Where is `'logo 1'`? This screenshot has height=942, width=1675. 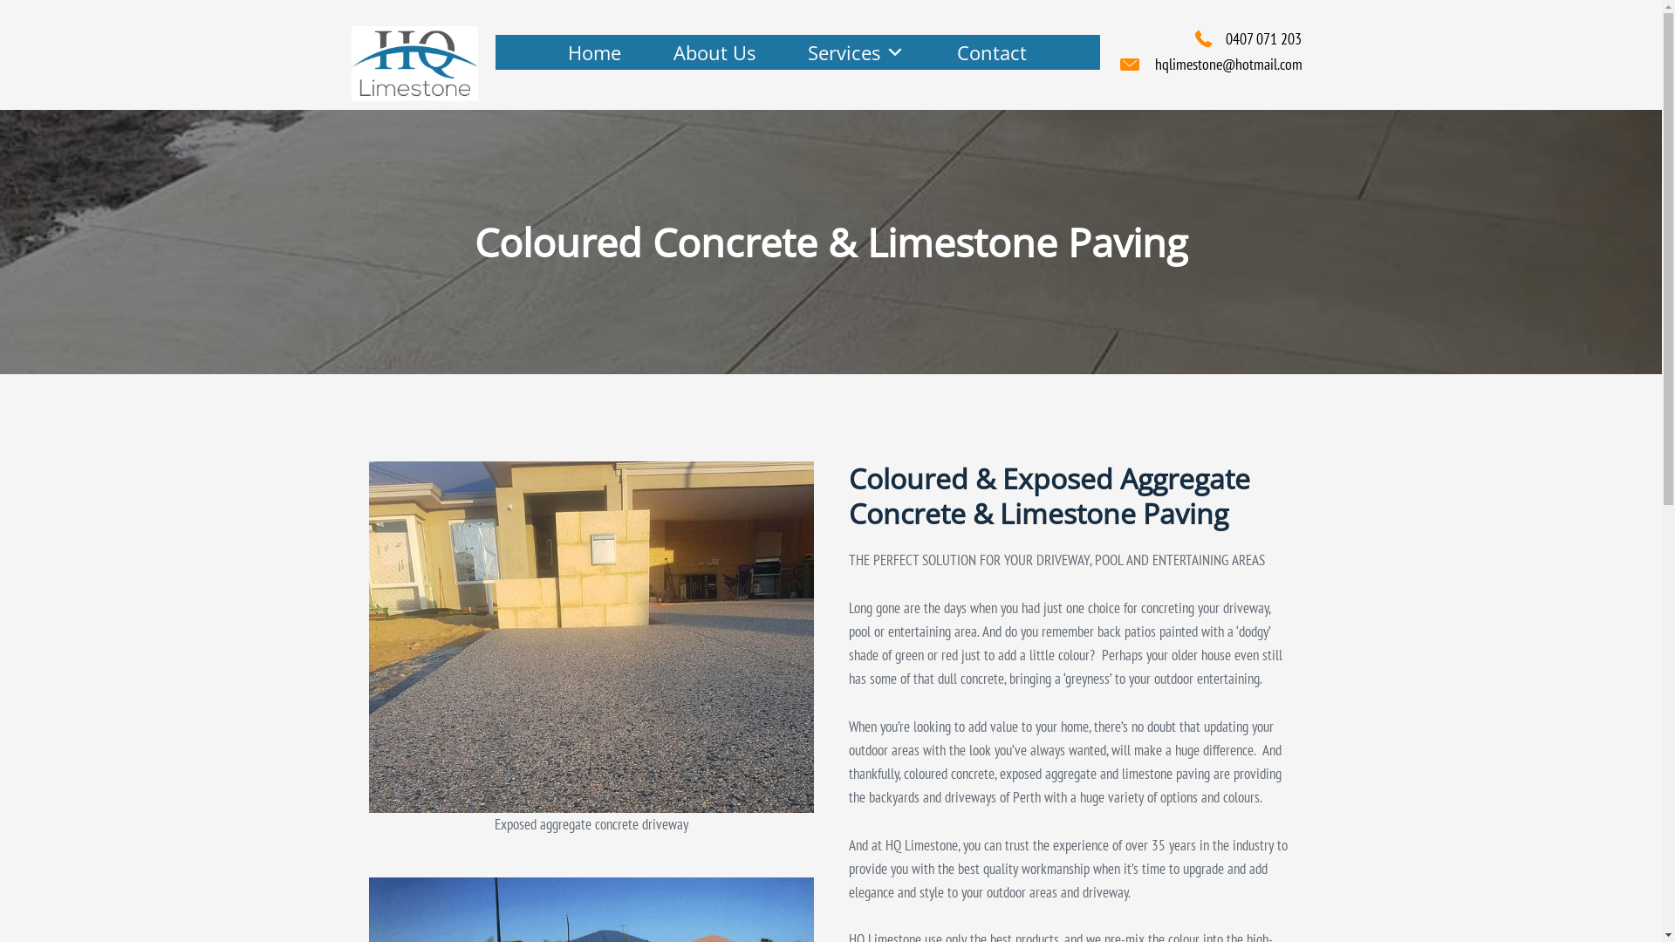
'logo 1' is located at coordinates (350, 63).